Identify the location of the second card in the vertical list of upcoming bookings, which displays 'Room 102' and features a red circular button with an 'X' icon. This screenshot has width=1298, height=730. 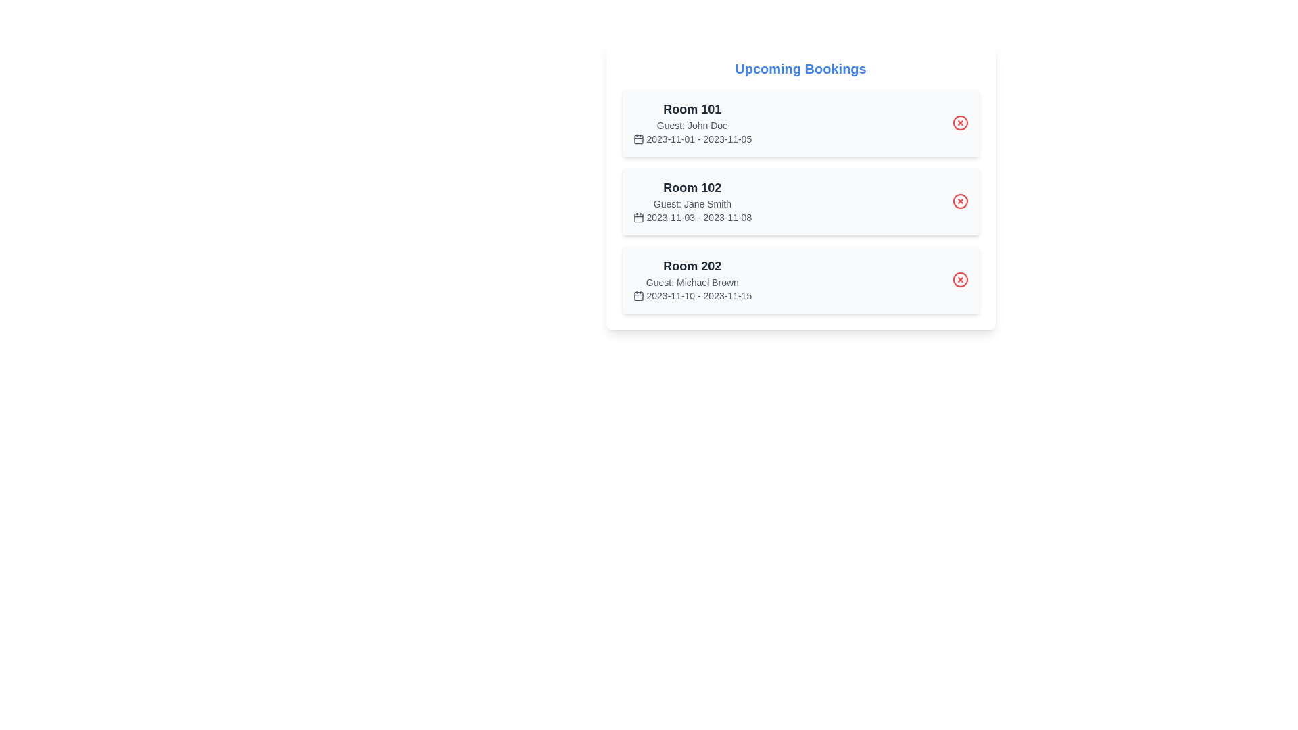
(800, 201).